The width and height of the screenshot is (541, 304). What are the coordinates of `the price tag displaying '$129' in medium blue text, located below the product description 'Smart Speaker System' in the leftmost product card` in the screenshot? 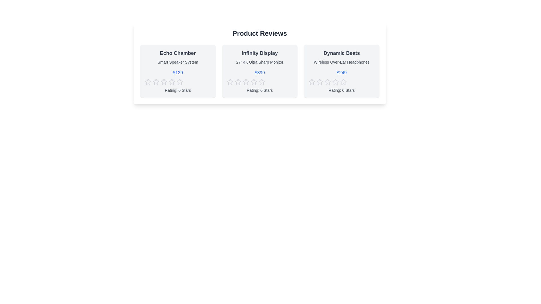 It's located at (178, 72).